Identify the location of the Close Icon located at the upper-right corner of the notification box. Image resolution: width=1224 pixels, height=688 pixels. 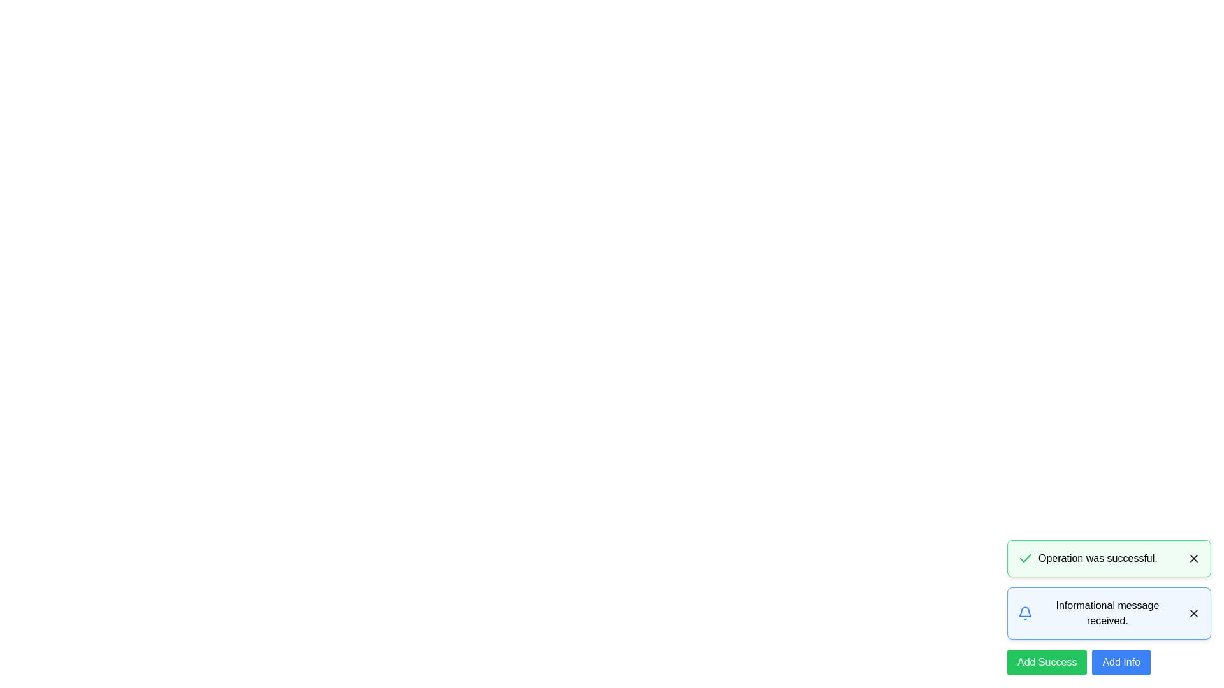
(1193, 613).